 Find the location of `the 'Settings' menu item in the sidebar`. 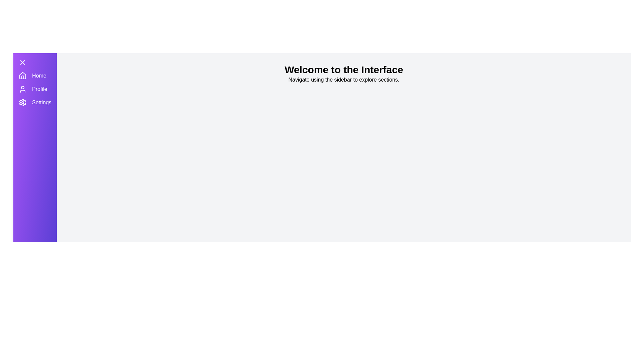

the 'Settings' menu item in the sidebar is located at coordinates (41, 103).